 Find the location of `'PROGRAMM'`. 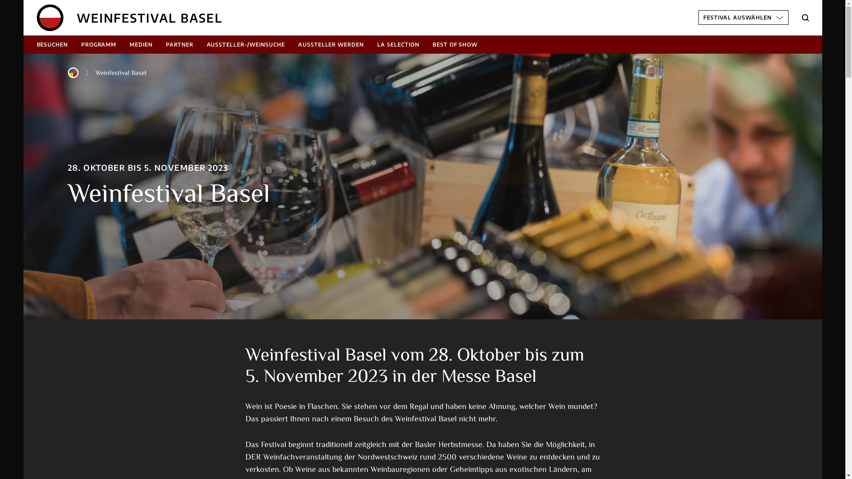

'PROGRAMM' is located at coordinates (99, 44).